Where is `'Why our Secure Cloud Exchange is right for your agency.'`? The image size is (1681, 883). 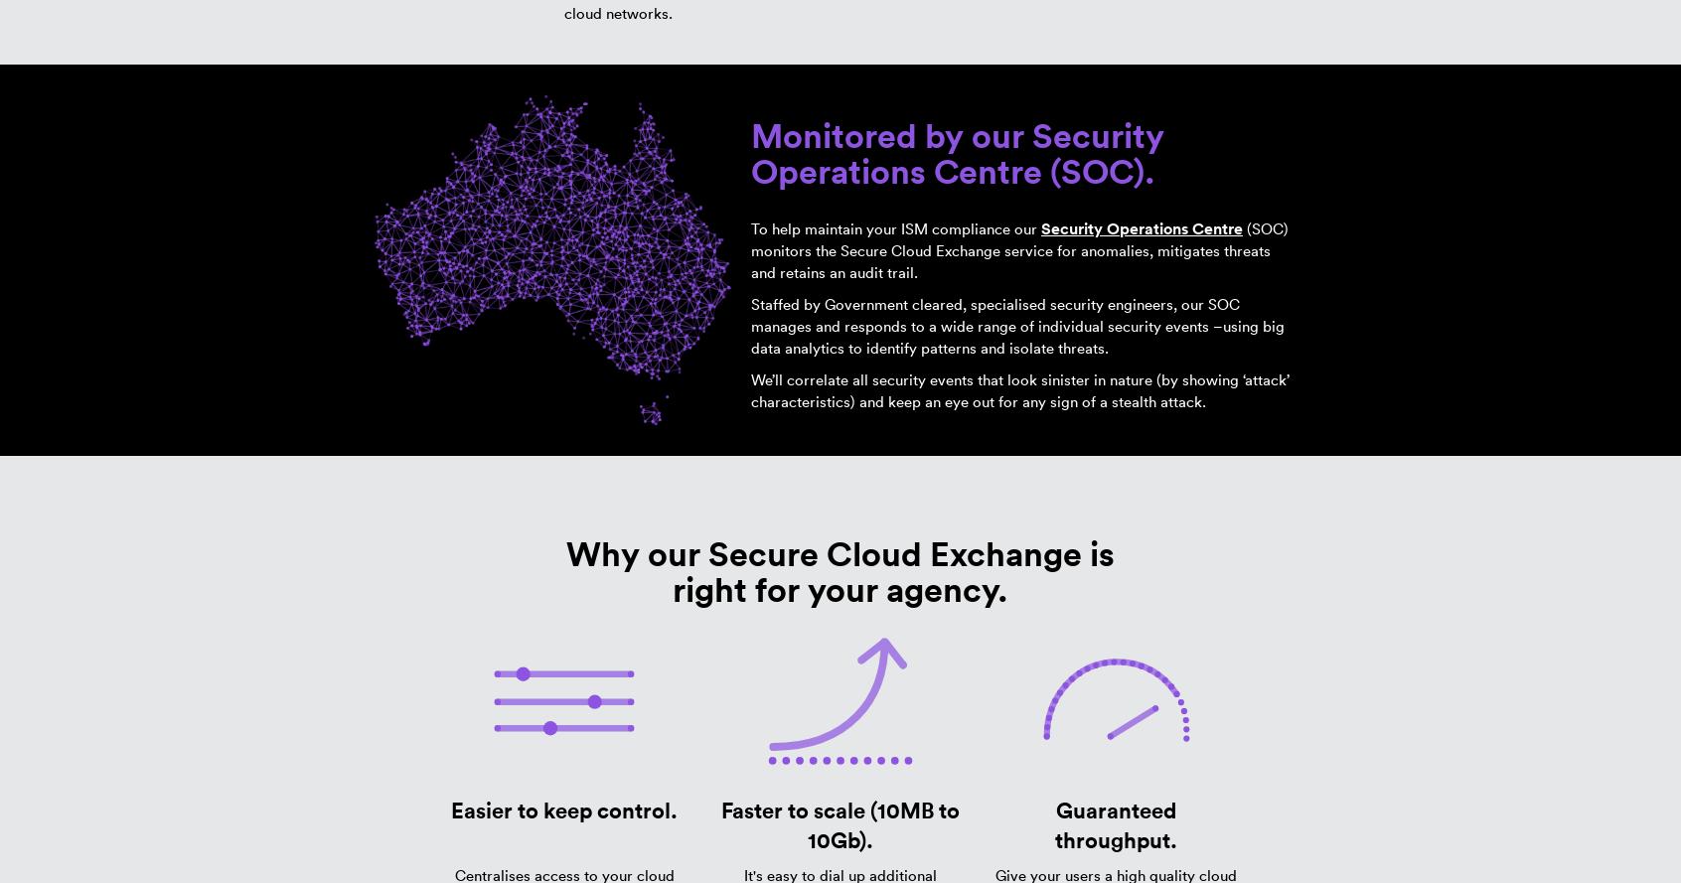
'Why our Secure Cloud Exchange is right for your agency.' is located at coordinates (839, 570).